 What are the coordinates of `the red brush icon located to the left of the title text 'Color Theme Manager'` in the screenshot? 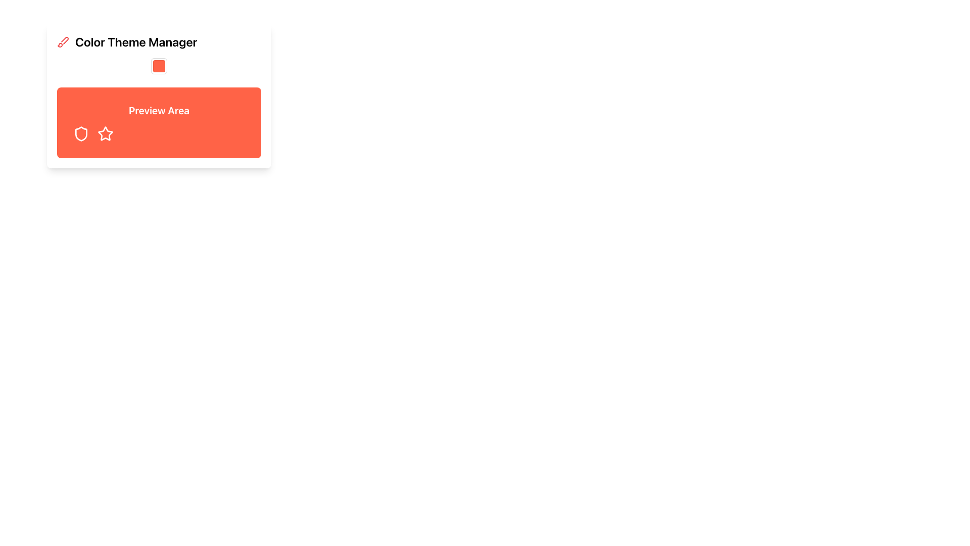 It's located at (62, 41).